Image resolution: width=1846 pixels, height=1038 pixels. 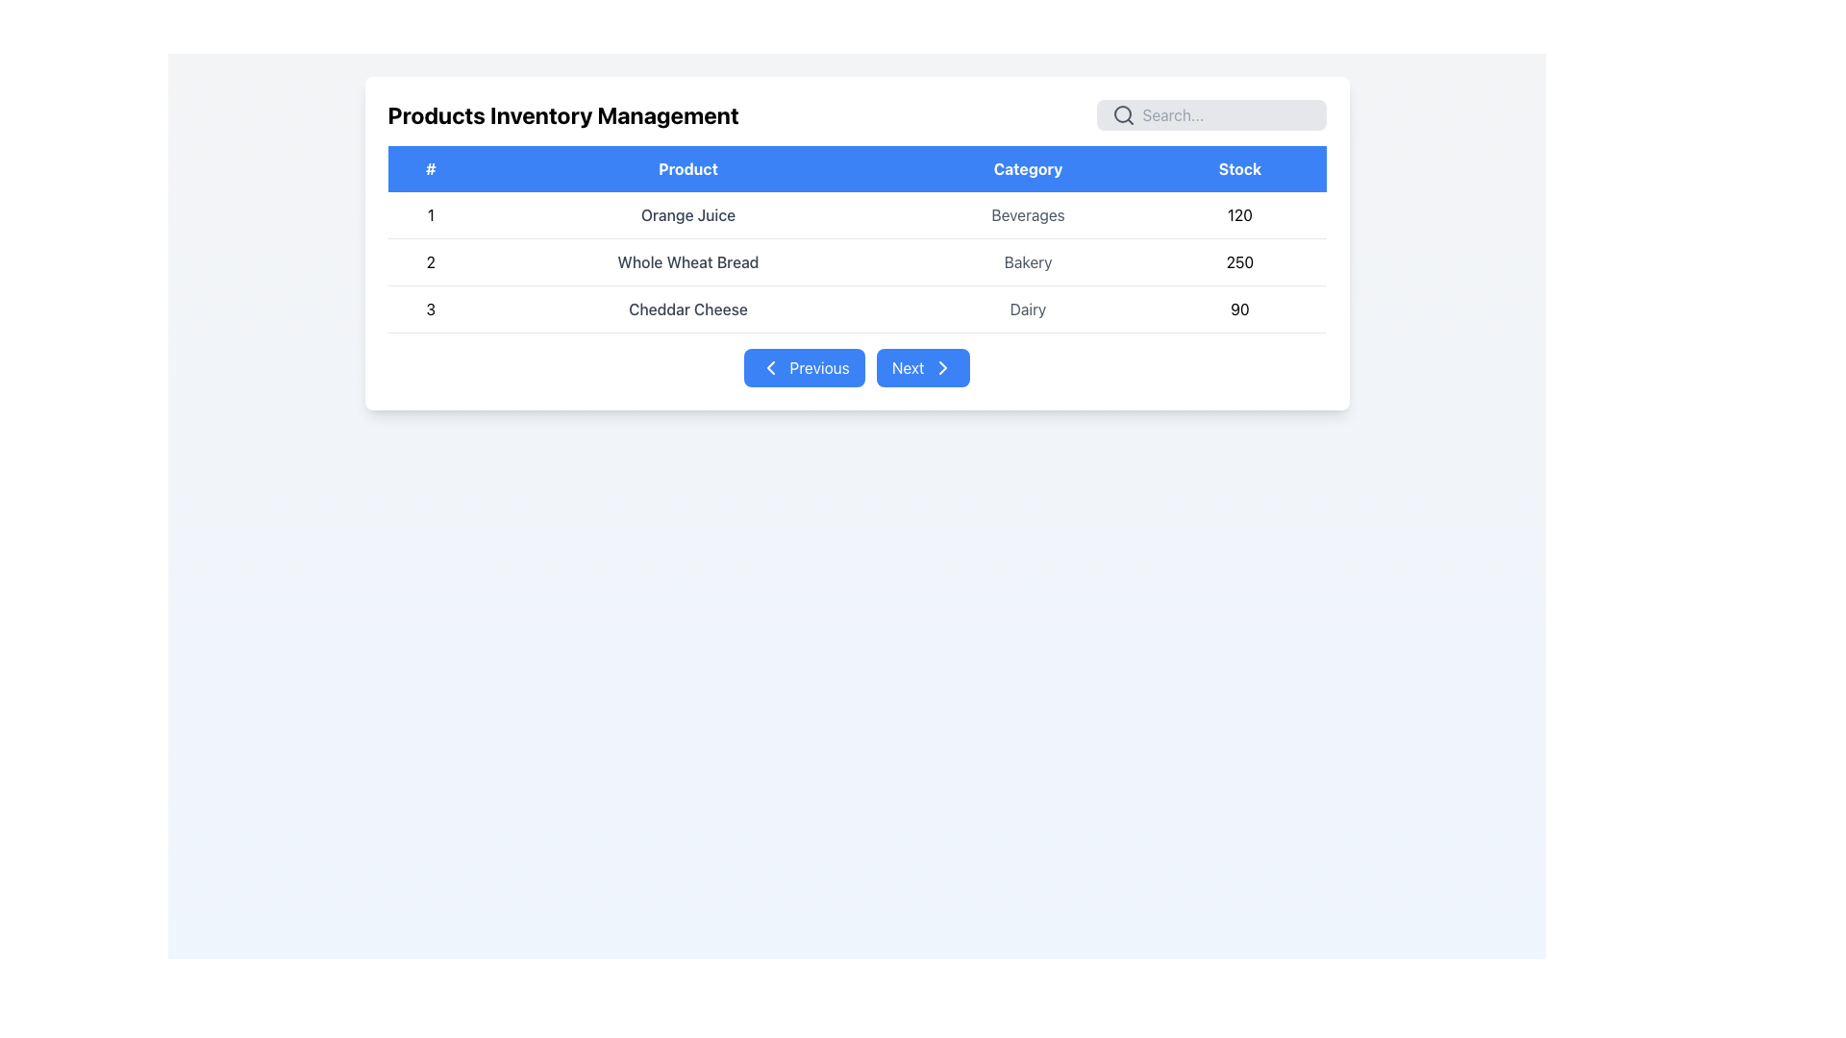 I want to click on the third row in the 'Products Inventory Management' section, which details the item '3', product name 'Cheddar Cheese', category 'Dairy', and stock '90', so click(x=856, y=308).